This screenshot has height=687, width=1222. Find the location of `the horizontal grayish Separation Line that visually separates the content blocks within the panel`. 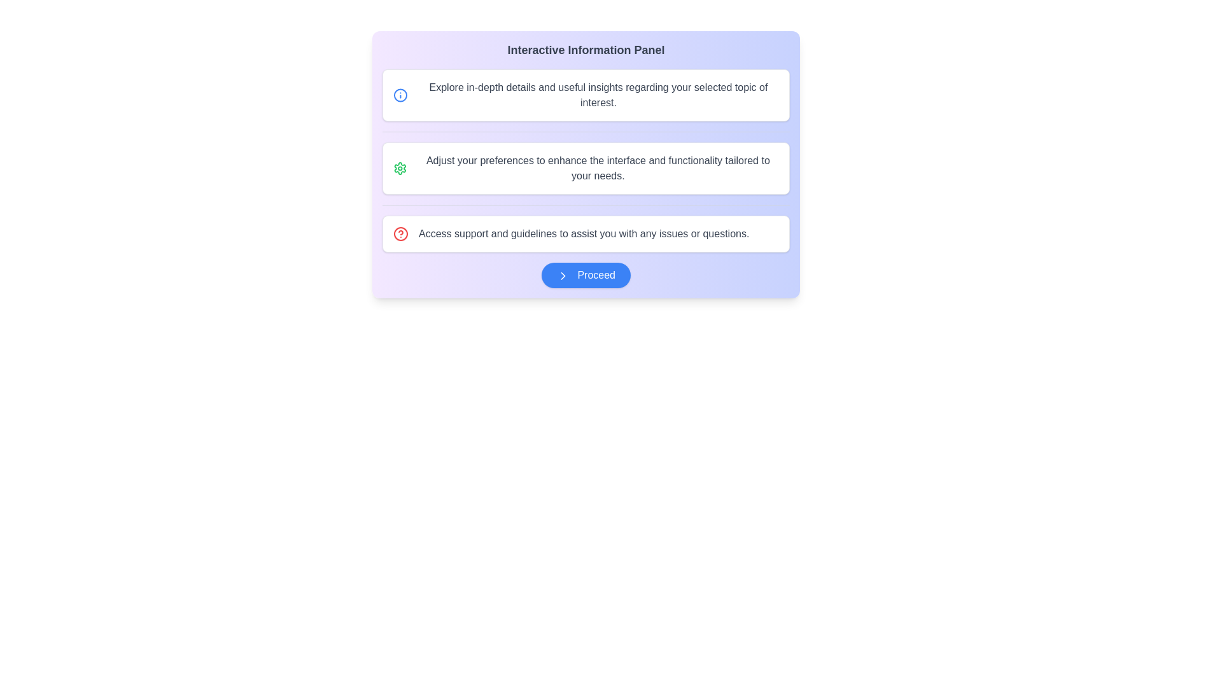

the horizontal grayish Separation Line that visually separates the content blocks within the panel is located at coordinates (586, 132).